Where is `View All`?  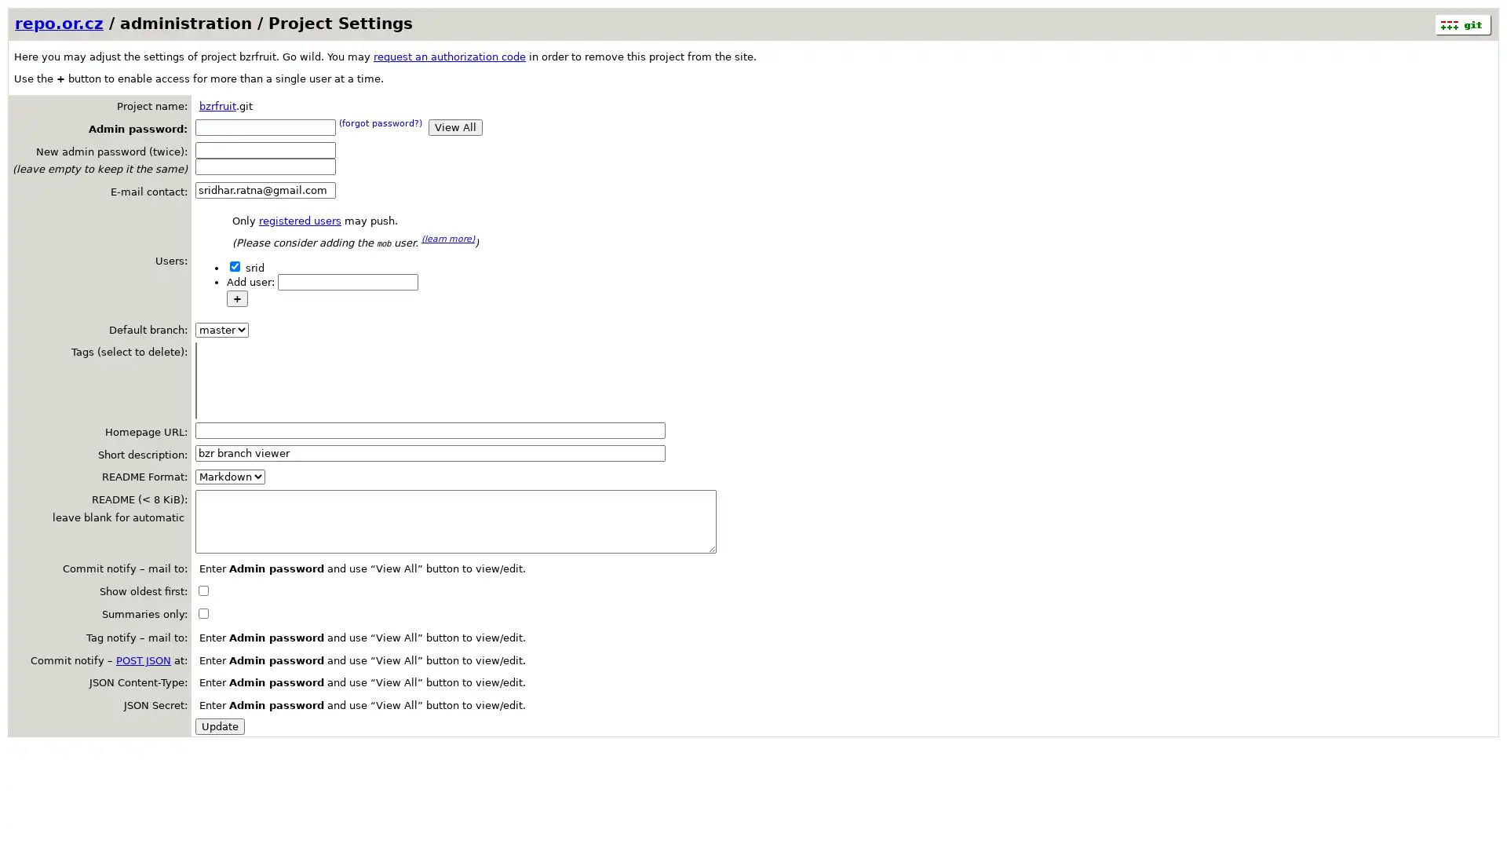 View All is located at coordinates (454, 126).